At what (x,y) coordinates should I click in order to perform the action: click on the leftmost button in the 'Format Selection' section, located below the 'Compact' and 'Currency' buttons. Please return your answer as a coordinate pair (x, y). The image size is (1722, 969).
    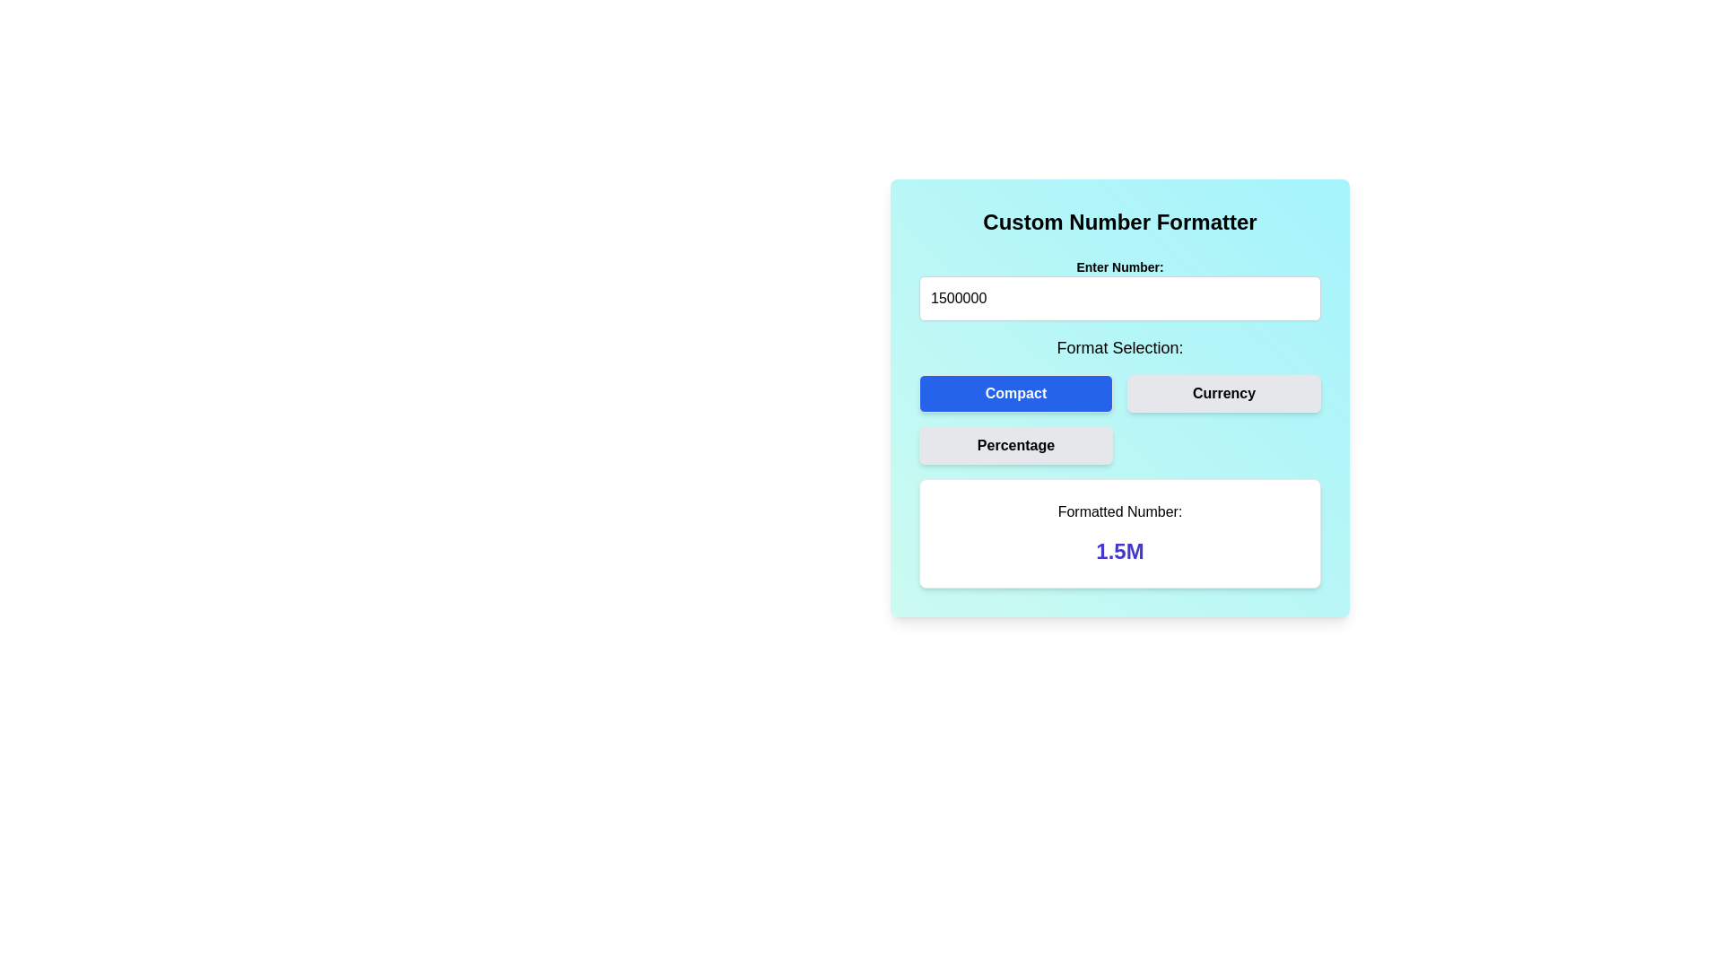
    Looking at the image, I should click on (1015, 445).